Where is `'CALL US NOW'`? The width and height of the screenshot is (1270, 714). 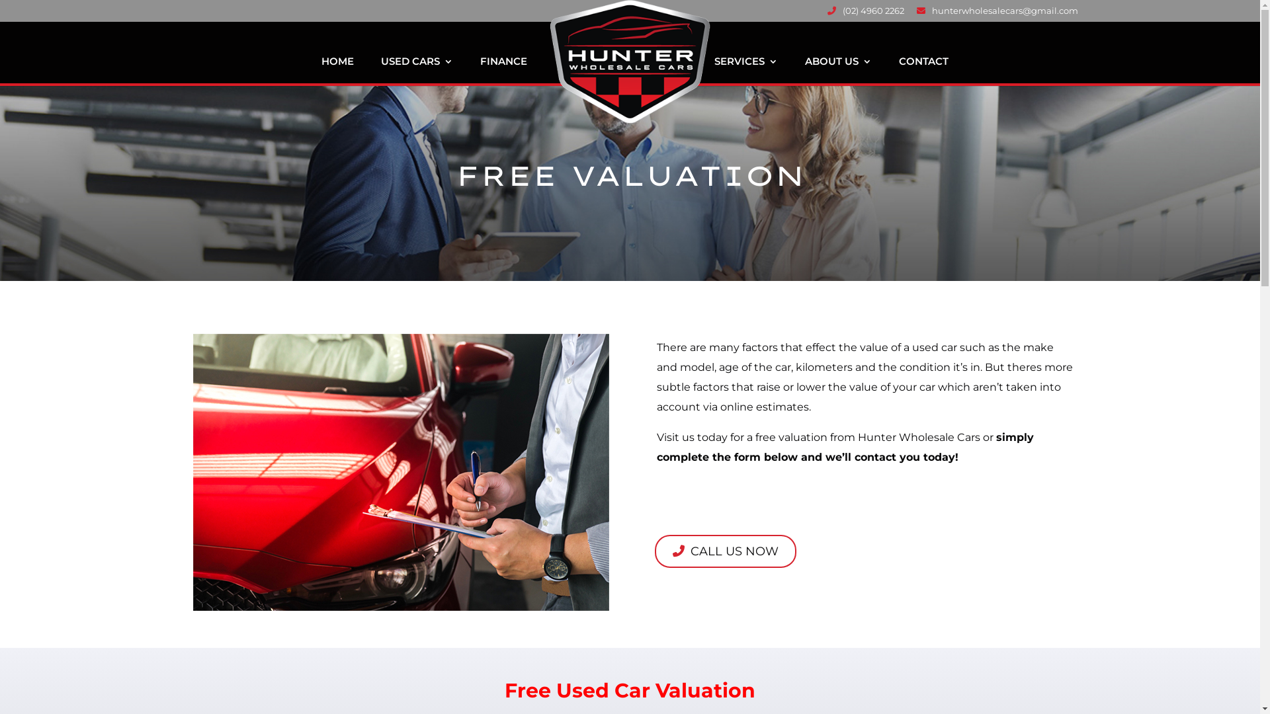 'CALL US NOW' is located at coordinates (725, 551).